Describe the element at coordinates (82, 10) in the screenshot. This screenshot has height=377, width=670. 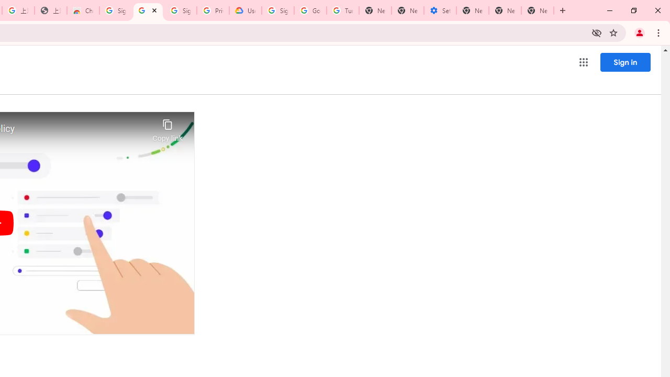
I see `'Chrome Web Store - Color themes by Chrome'` at that location.